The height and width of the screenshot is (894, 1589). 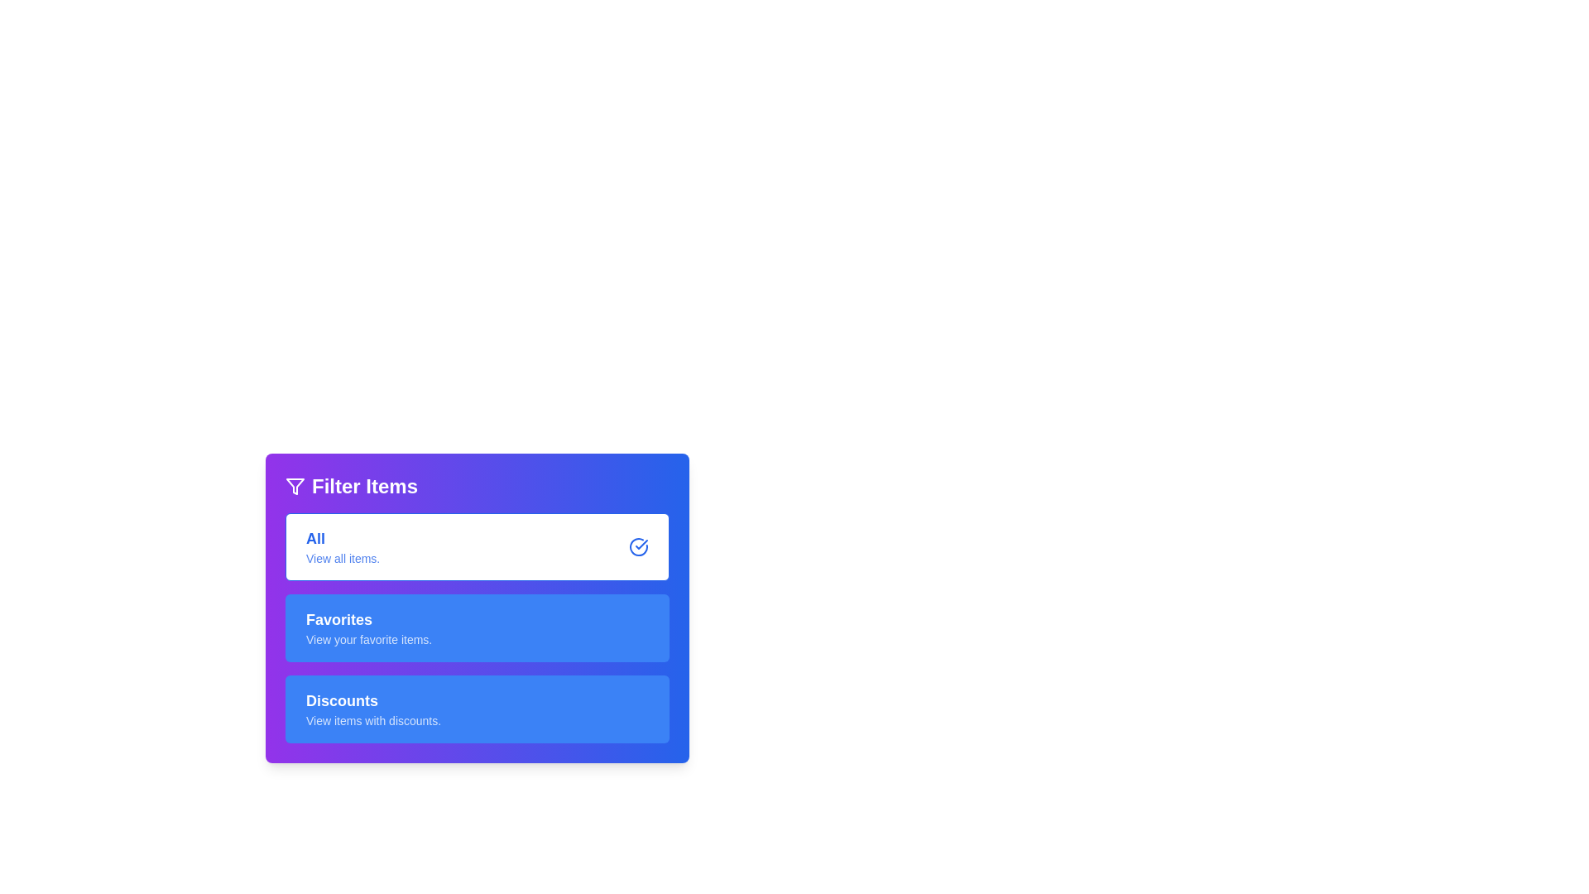 What do you see at coordinates (476, 631) in the screenshot?
I see `the filter button that shows only the user's favorite items, located below the 'All' section and above the 'Discounts' section in the filter interface` at bounding box center [476, 631].